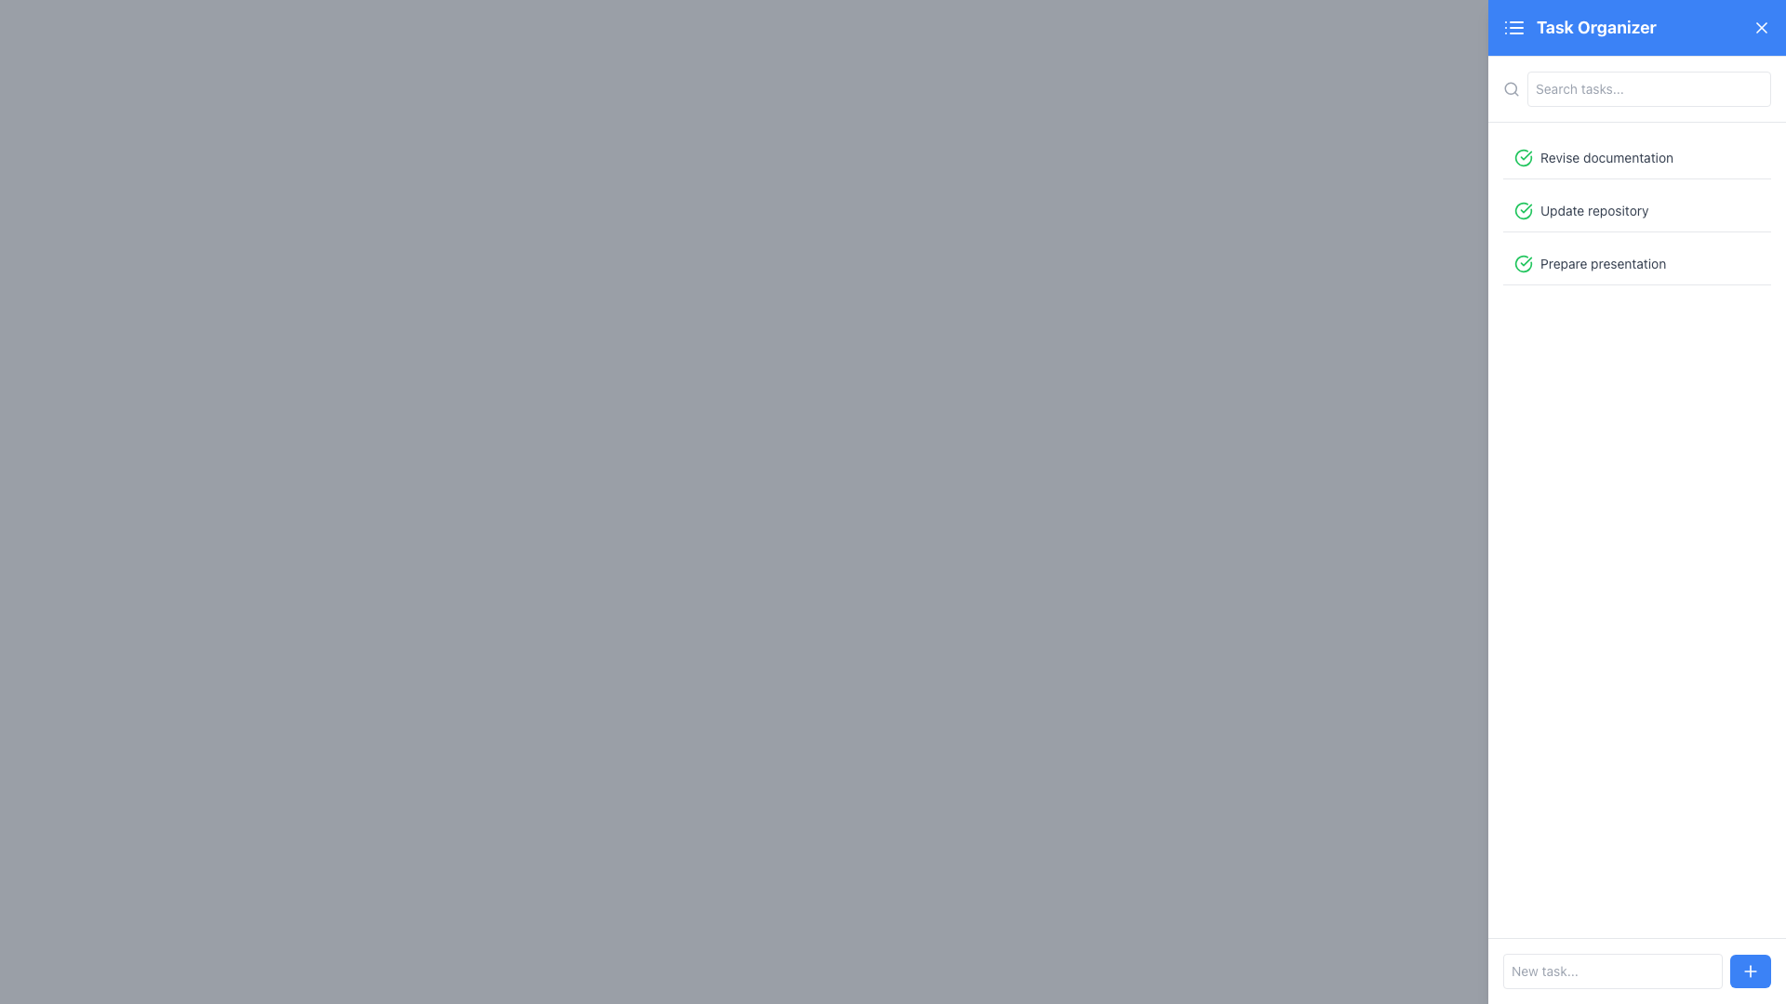  What do you see at coordinates (1749, 971) in the screenshot?
I see `the addition icon located within the blue rectangular button in the bottom-right corner of the interface to invoke its action for adding a new task` at bounding box center [1749, 971].